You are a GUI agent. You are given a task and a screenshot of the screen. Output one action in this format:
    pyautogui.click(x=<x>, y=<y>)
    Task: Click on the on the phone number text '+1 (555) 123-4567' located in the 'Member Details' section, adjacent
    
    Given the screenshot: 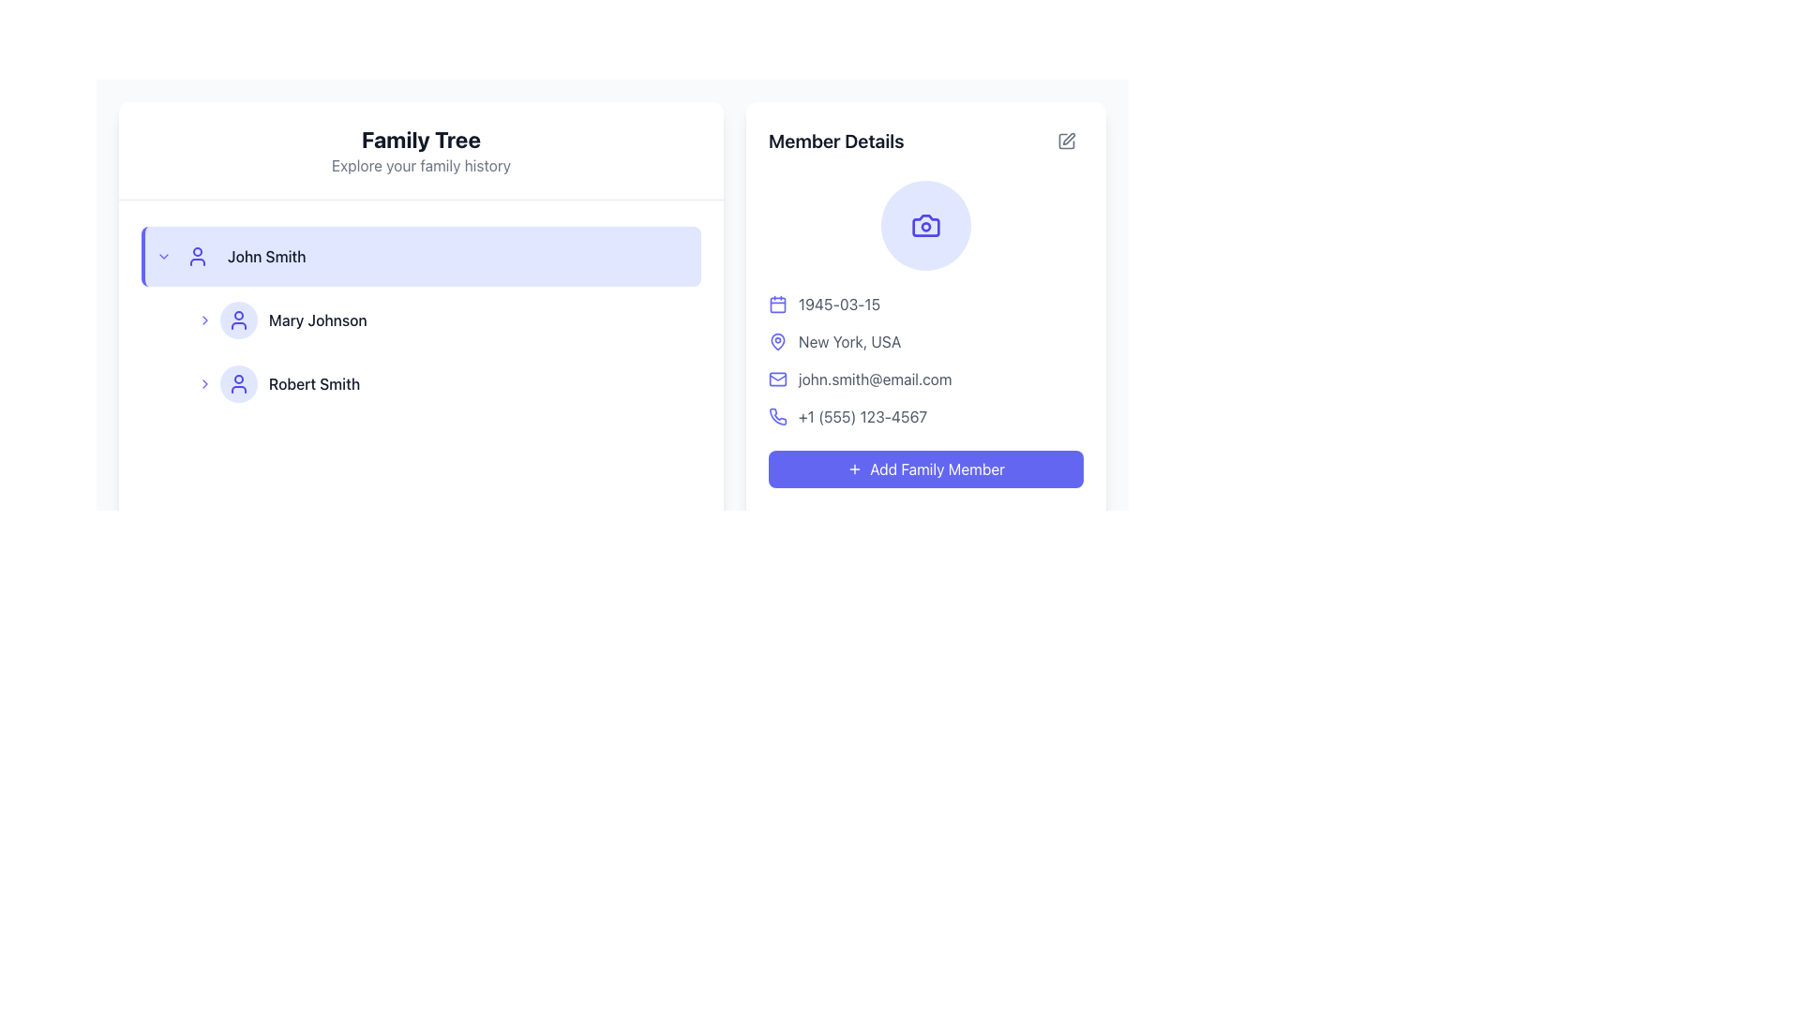 What is the action you would take?
    pyautogui.click(x=862, y=415)
    